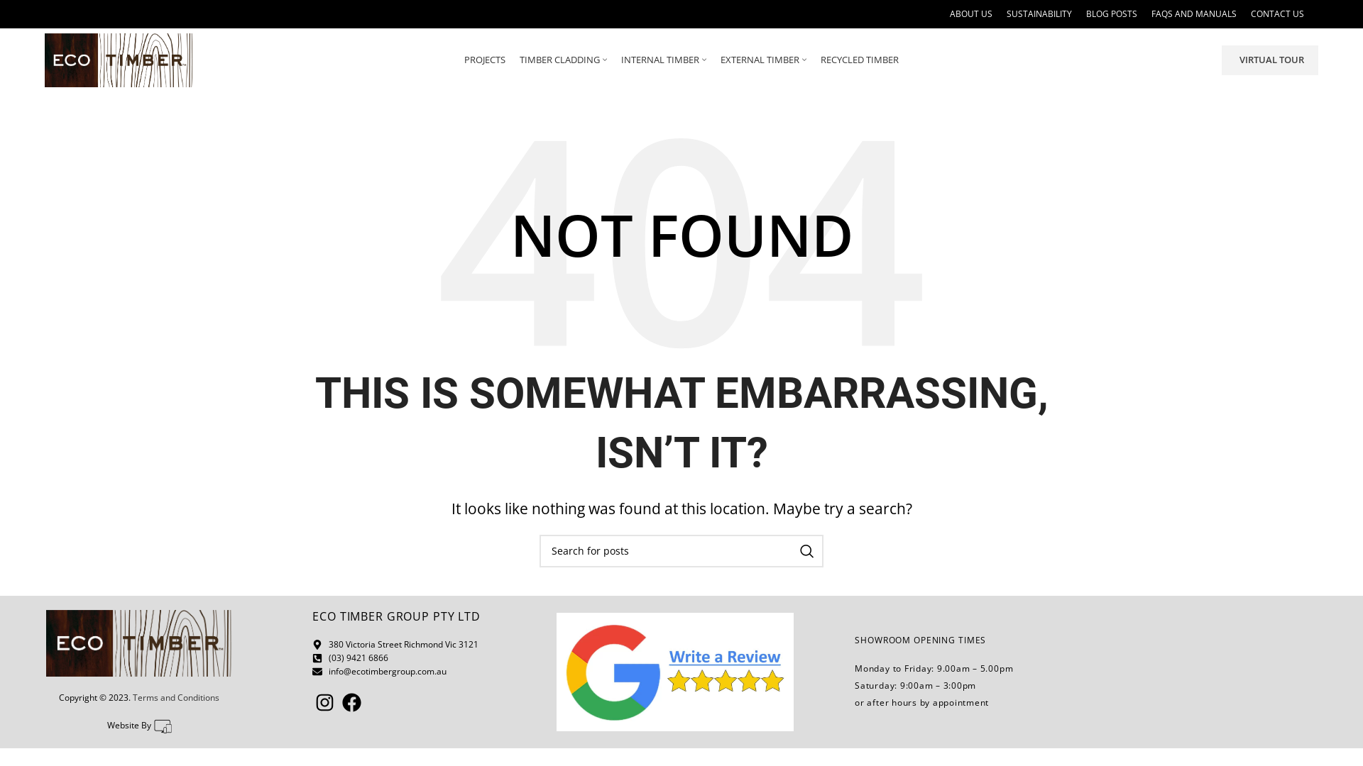 This screenshot has height=766, width=1363. Describe the element at coordinates (1270, 59) in the screenshot. I see `'VIRTUAL TOUR'` at that location.